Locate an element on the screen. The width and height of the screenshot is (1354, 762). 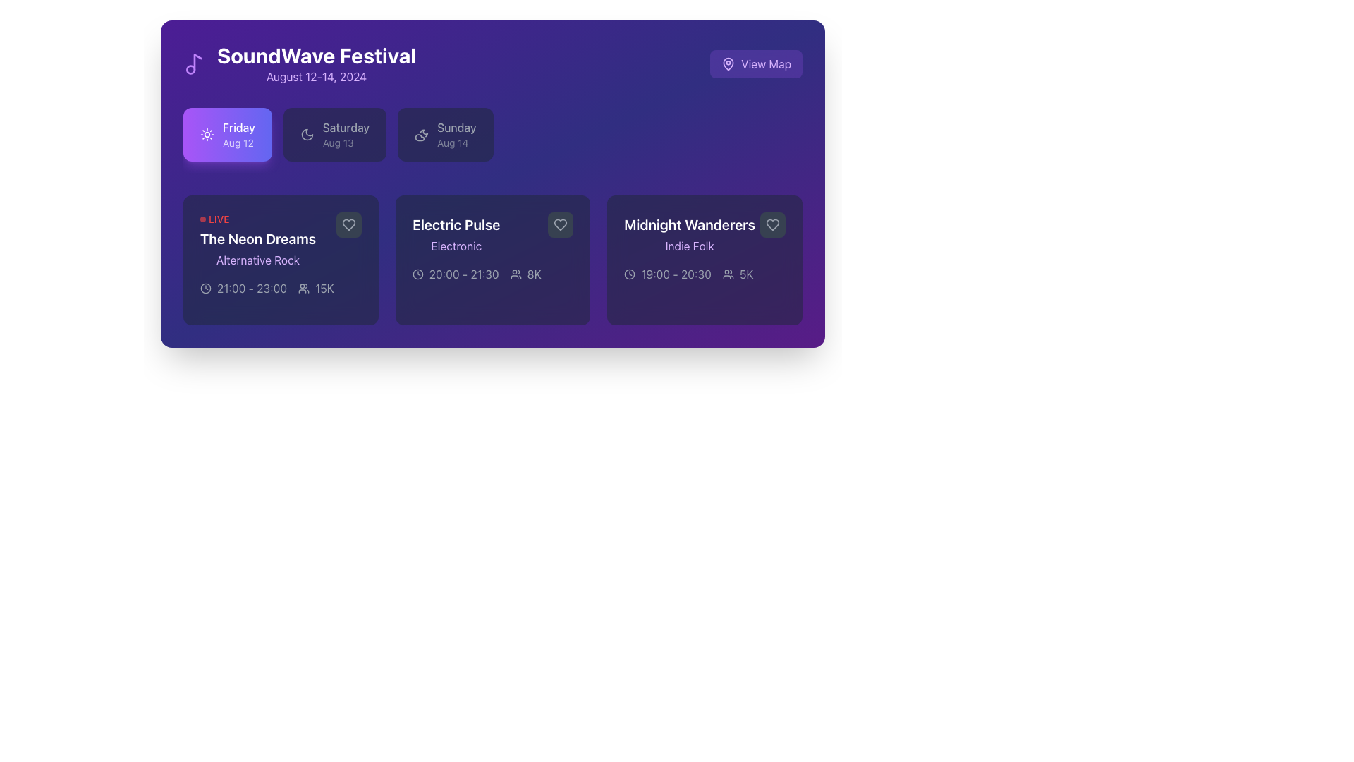
the text label indicating the name and genre of the featured musical act, located in the bottom-right section of the rightmost card in a row of three card components is located at coordinates (690, 233).